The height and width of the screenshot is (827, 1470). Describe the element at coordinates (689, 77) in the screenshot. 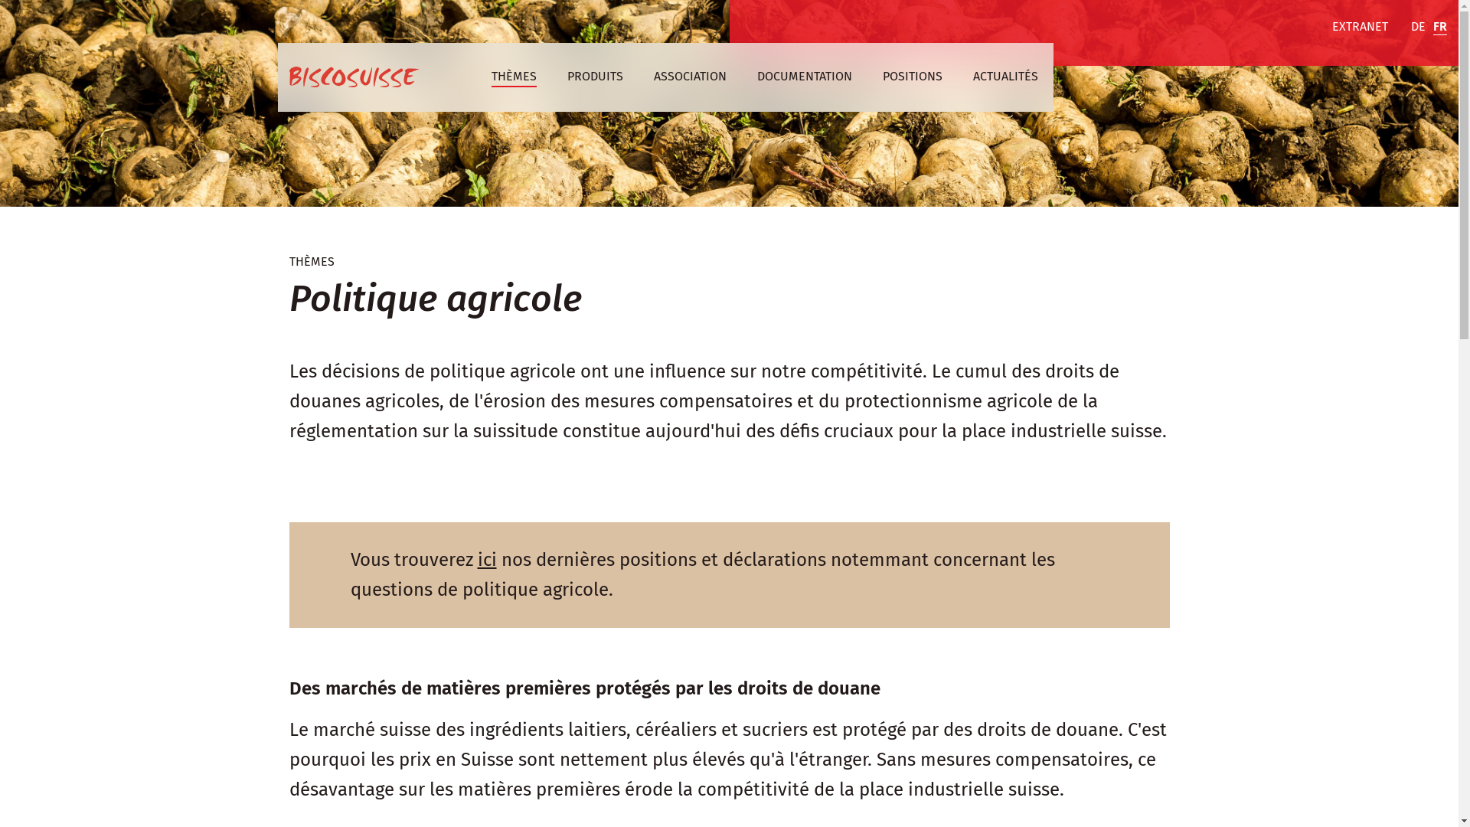

I see `'ASSOCIATION'` at that location.